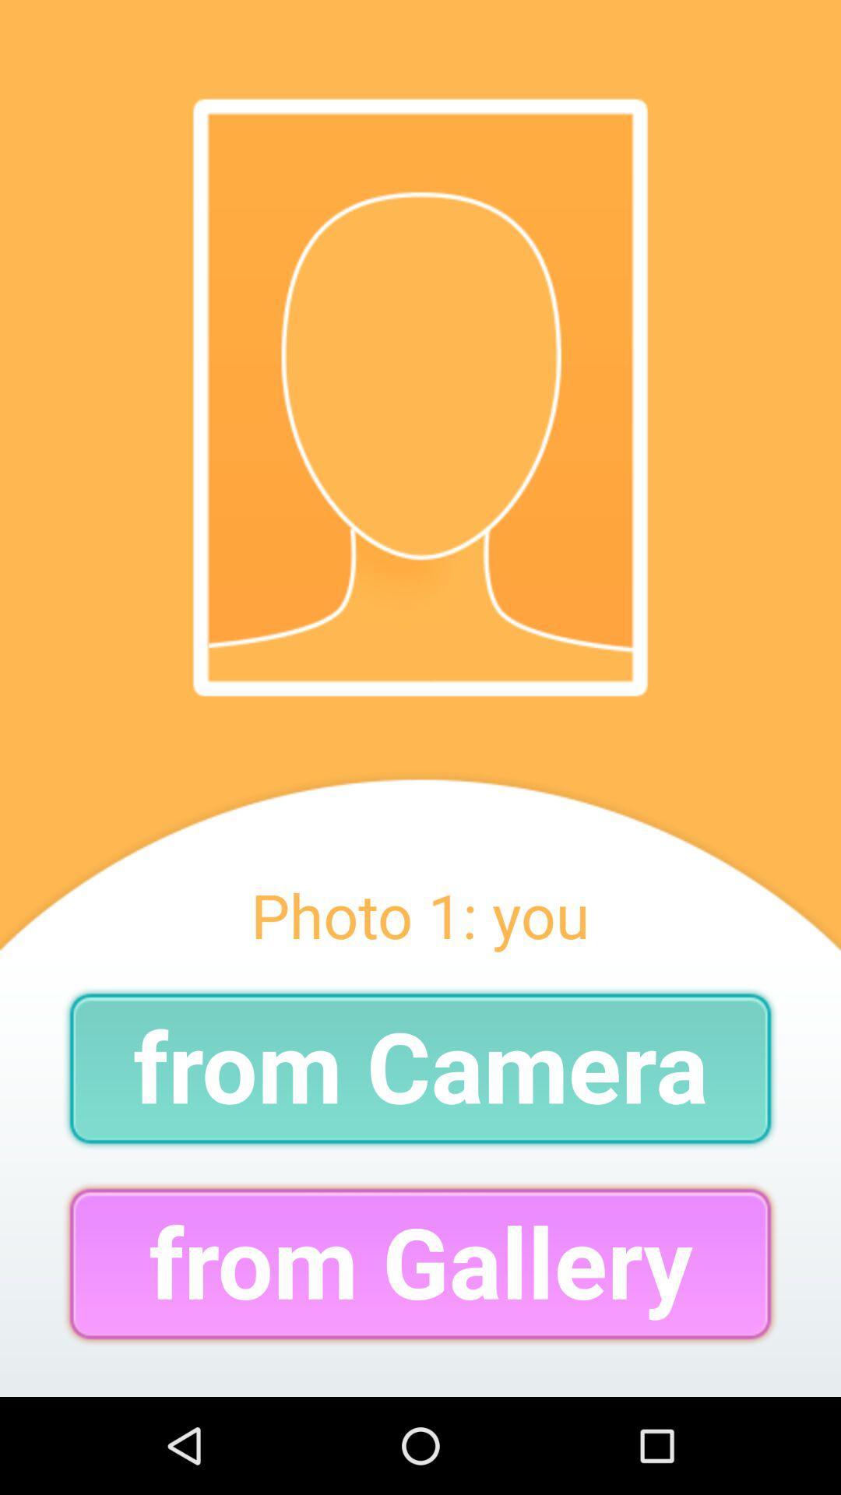  I want to click on the from gallery icon, so click(420, 1264).